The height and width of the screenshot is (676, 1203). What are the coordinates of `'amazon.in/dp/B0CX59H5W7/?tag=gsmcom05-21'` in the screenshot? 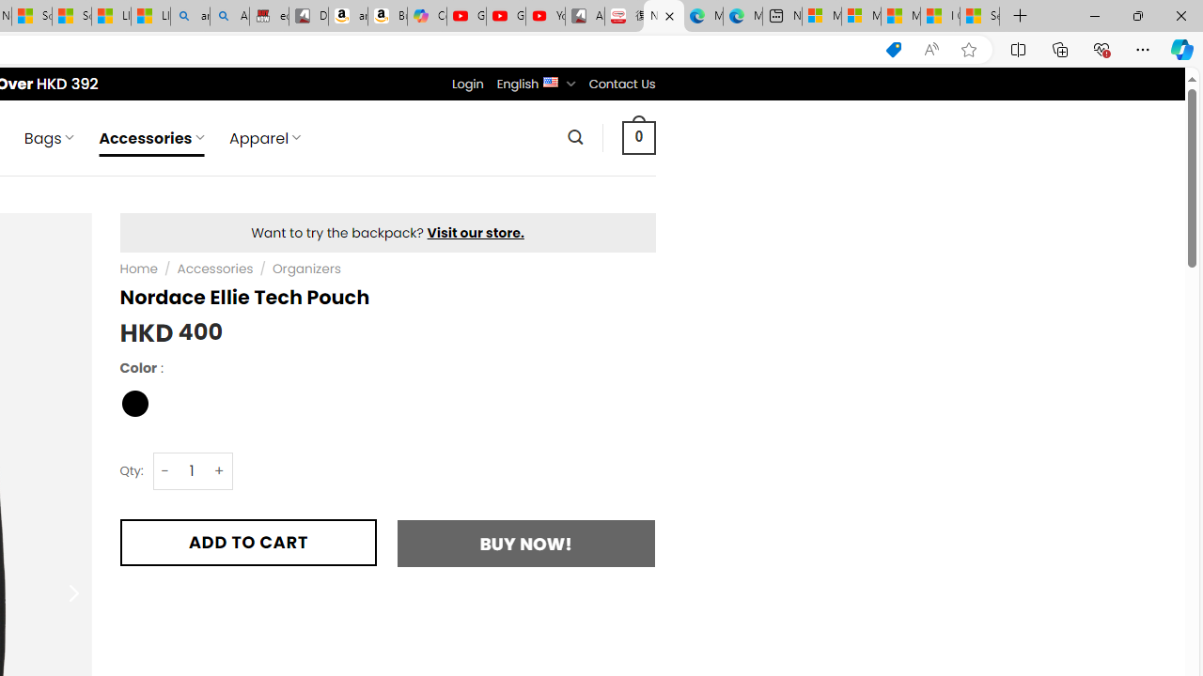 It's located at (347, 16).